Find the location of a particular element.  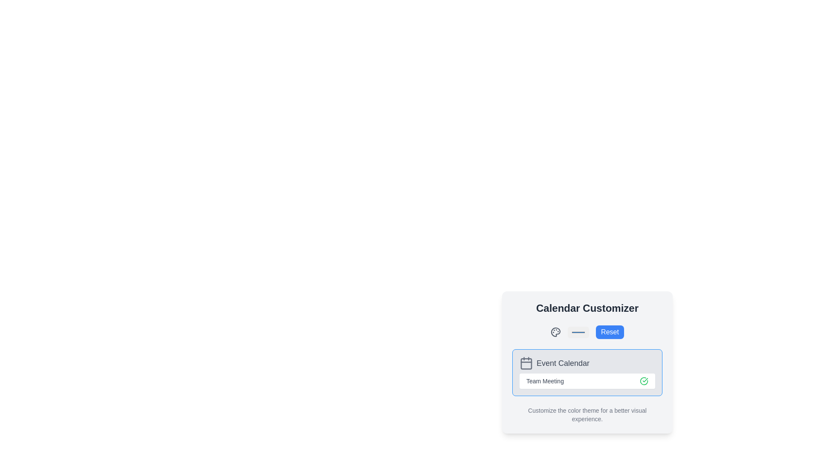

the decorative vector graphic representing a painter's palette located in the Calendar Customizer interface, which symbolizes customization features is located at coordinates (556, 331).